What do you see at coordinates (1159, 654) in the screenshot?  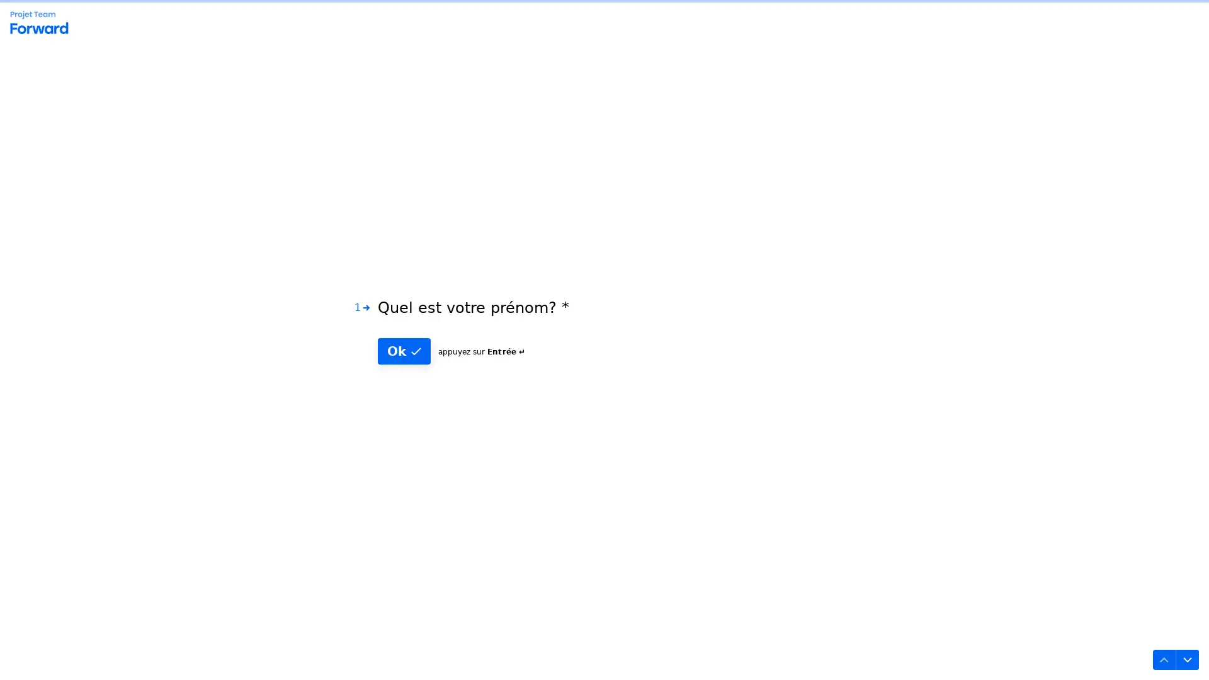 I see `Question precedente` at bounding box center [1159, 654].